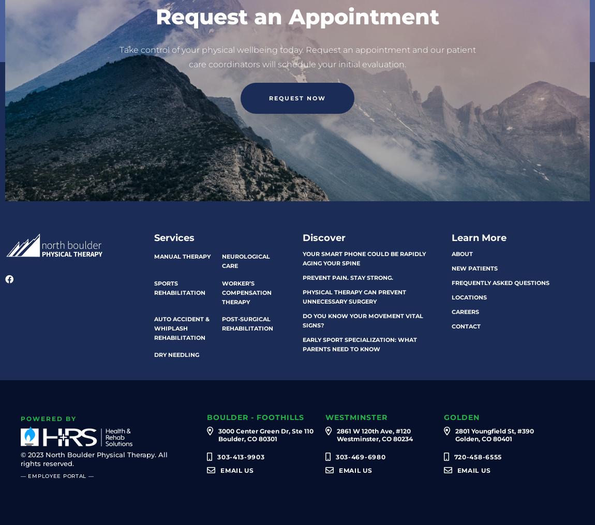 The image size is (595, 525). I want to click on 'Golden', so click(442, 417).